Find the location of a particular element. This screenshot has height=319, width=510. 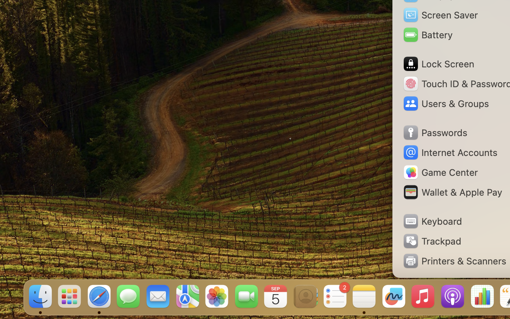

'Screen Saver' is located at coordinates (440, 15).